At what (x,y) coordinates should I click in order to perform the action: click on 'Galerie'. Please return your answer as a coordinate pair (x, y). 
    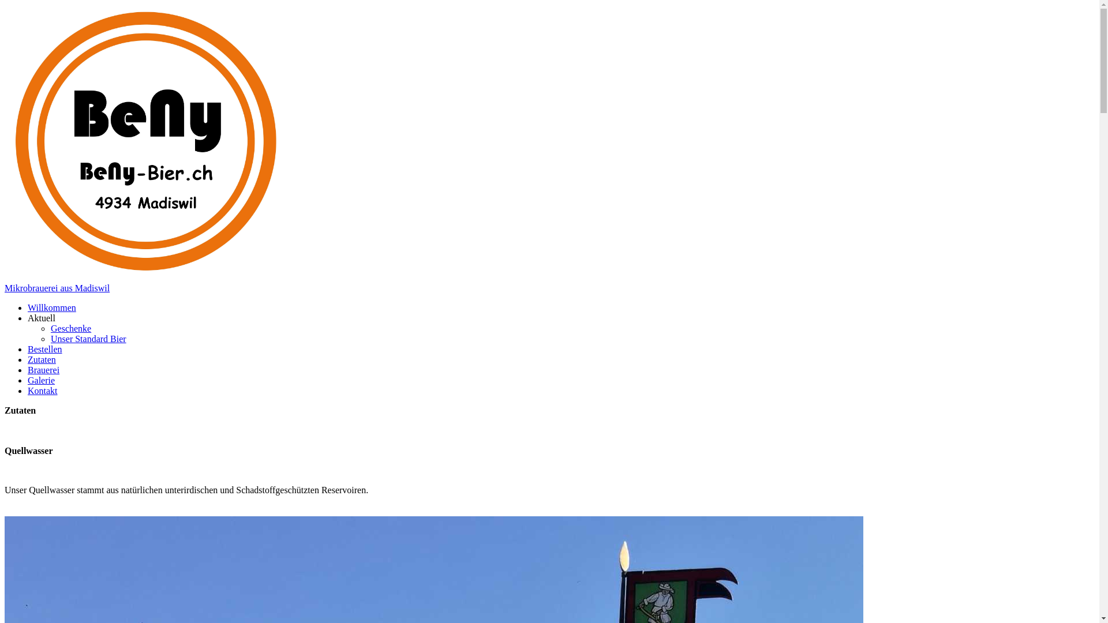
    Looking at the image, I should click on (41, 380).